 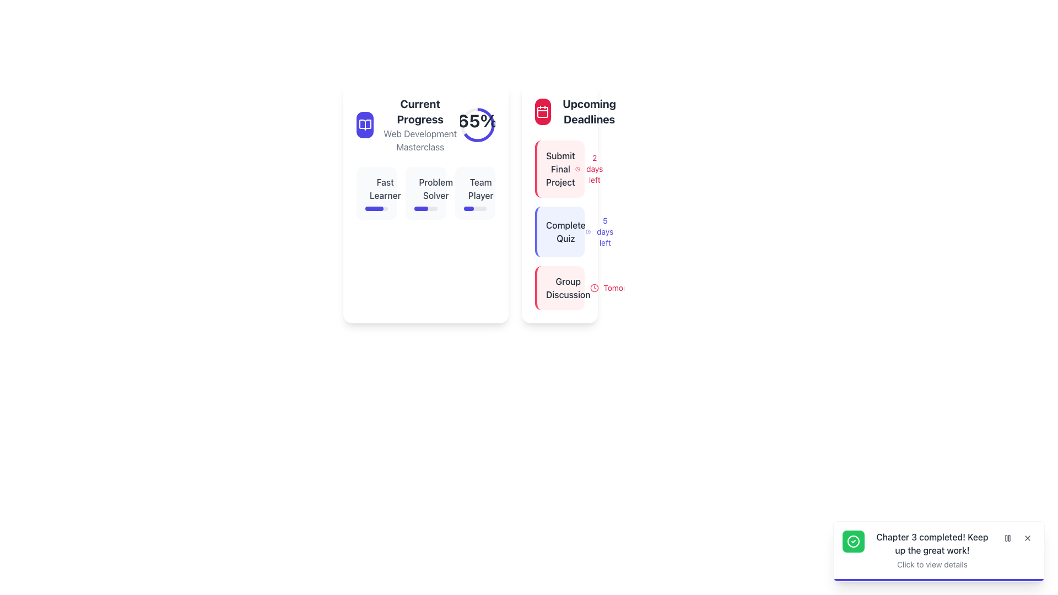 I want to click on the indigo progress bar that represents 45% progress, located under the 'Team Player' label in the 'Current Progress' section, so click(x=468, y=208).